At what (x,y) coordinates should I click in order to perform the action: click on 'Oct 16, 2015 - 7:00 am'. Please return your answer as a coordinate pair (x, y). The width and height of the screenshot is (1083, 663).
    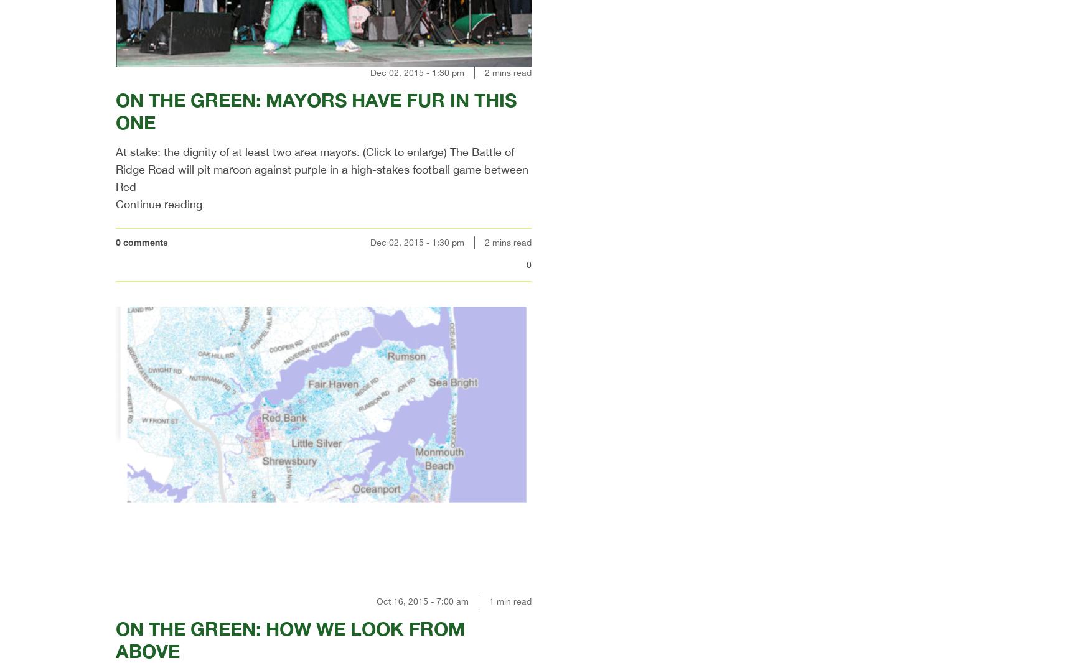
    Looking at the image, I should click on (375, 601).